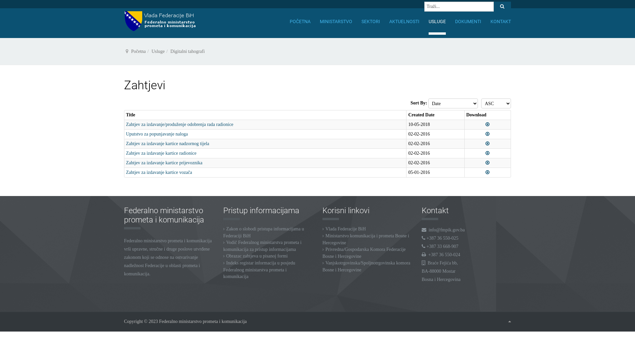 Image resolution: width=635 pixels, height=357 pixels. What do you see at coordinates (345, 228) in the screenshot?
I see `'Vlada Federacije BiH'` at bounding box center [345, 228].